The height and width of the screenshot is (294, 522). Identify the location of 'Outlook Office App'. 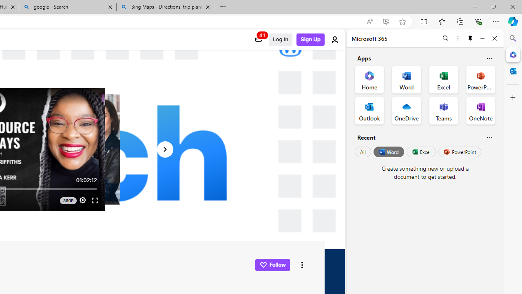
(369, 111).